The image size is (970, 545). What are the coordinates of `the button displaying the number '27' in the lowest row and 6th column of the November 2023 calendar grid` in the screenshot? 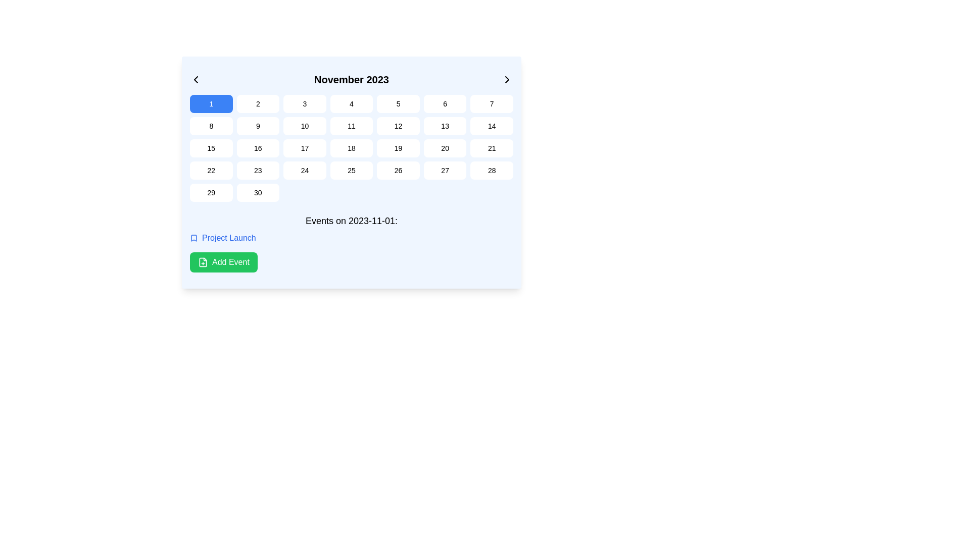 It's located at (445, 170).